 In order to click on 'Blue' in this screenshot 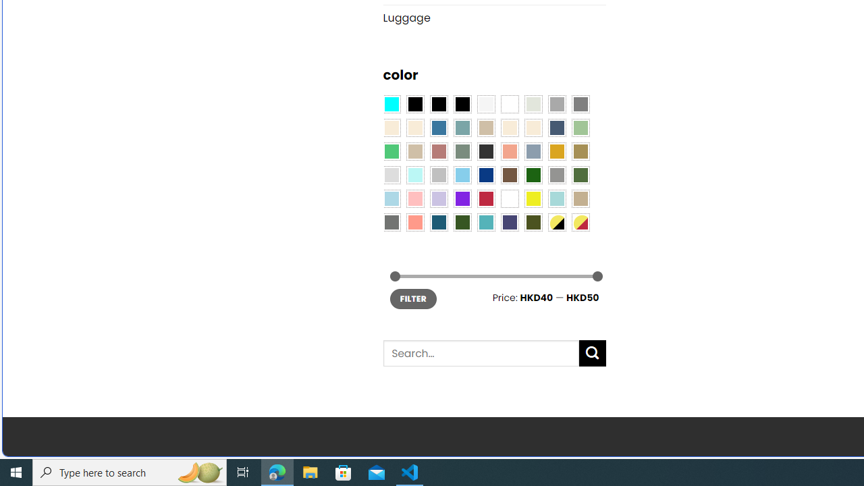, I will do `click(439, 128)`.